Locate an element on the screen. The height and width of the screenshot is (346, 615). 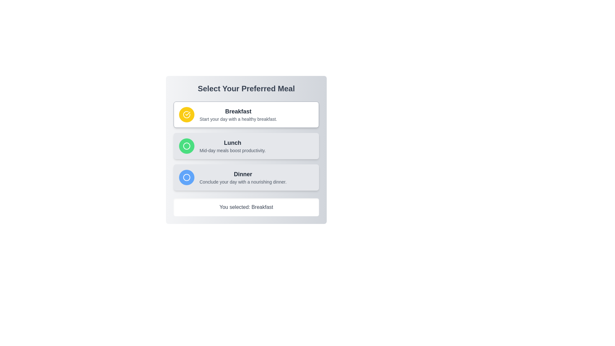
information displayed in the rectangular text box with a white background and rounded corners that shows 'You selected: Breakfast' is located at coordinates (246, 207).